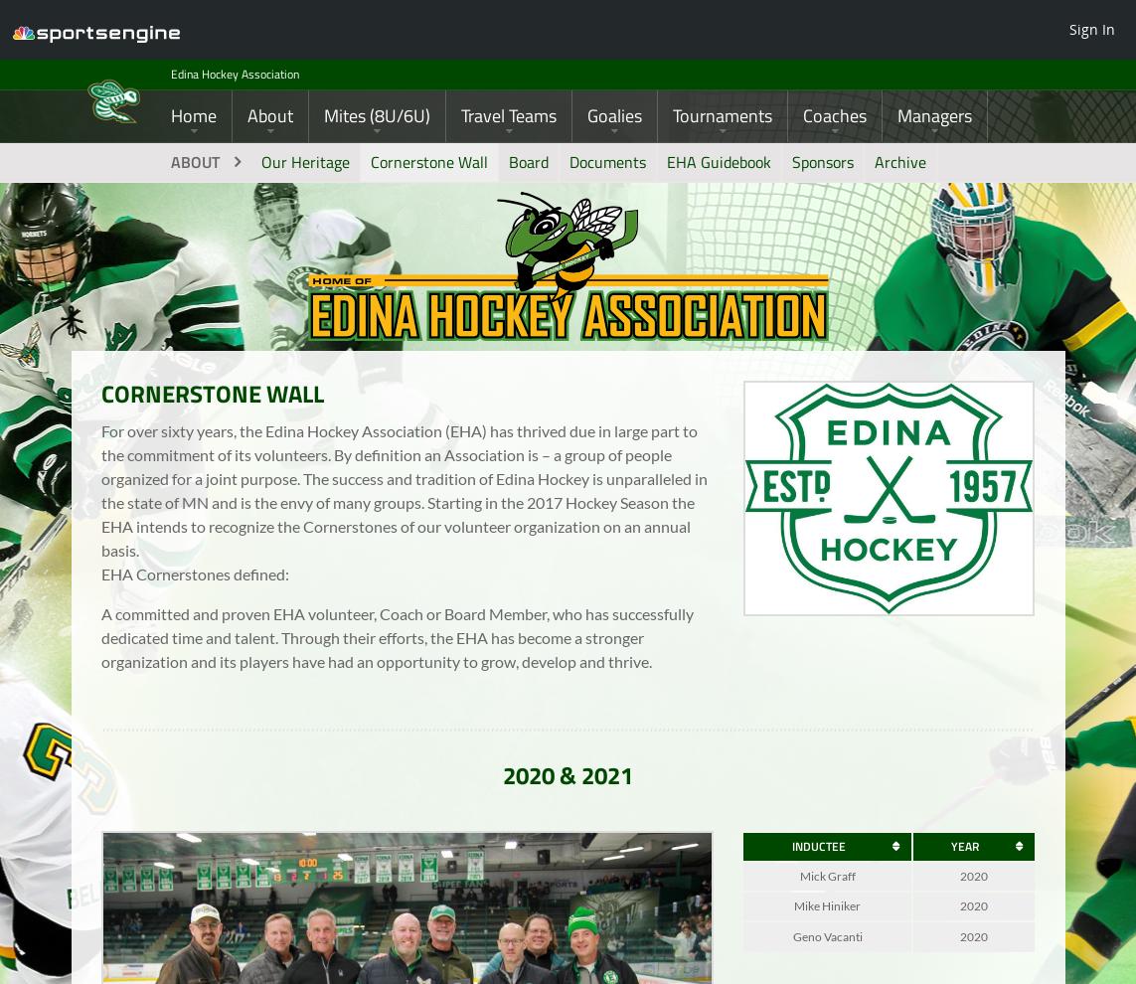  What do you see at coordinates (825, 950) in the screenshot?
I see `'Geno Vacanti'` at bounding box center [825, 950].